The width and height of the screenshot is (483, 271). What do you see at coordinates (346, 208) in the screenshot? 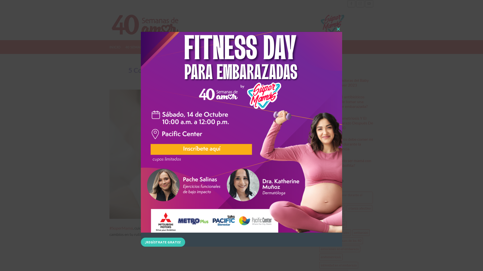
I see `'crianza afectiva'` at bounding box center [346, 208].